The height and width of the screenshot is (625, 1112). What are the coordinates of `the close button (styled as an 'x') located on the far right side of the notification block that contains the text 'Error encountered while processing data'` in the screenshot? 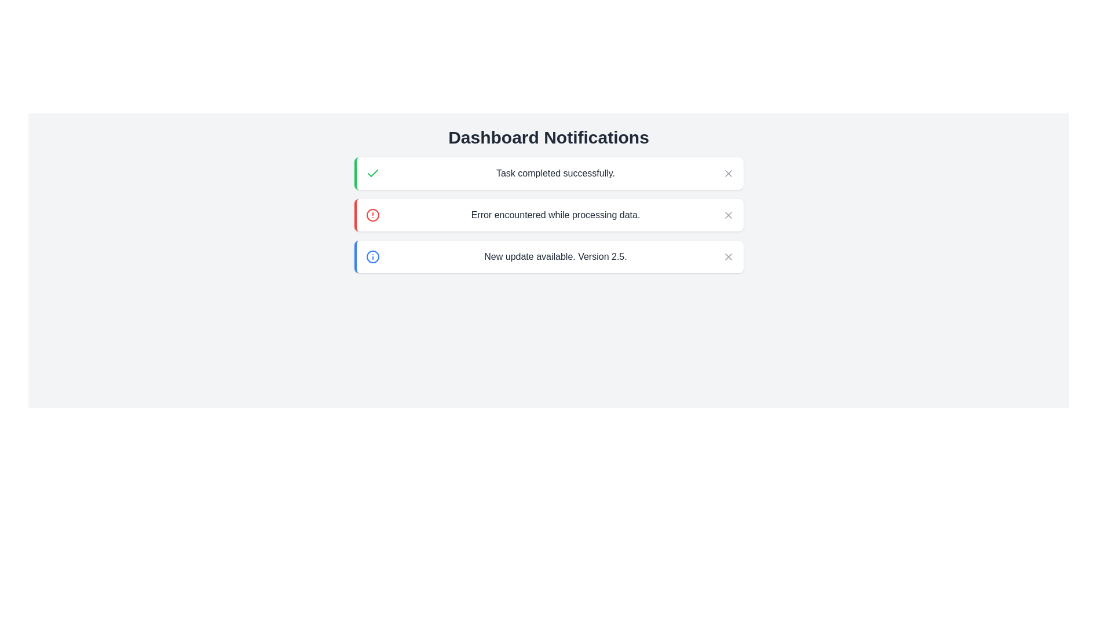 It's located at (727, 215).